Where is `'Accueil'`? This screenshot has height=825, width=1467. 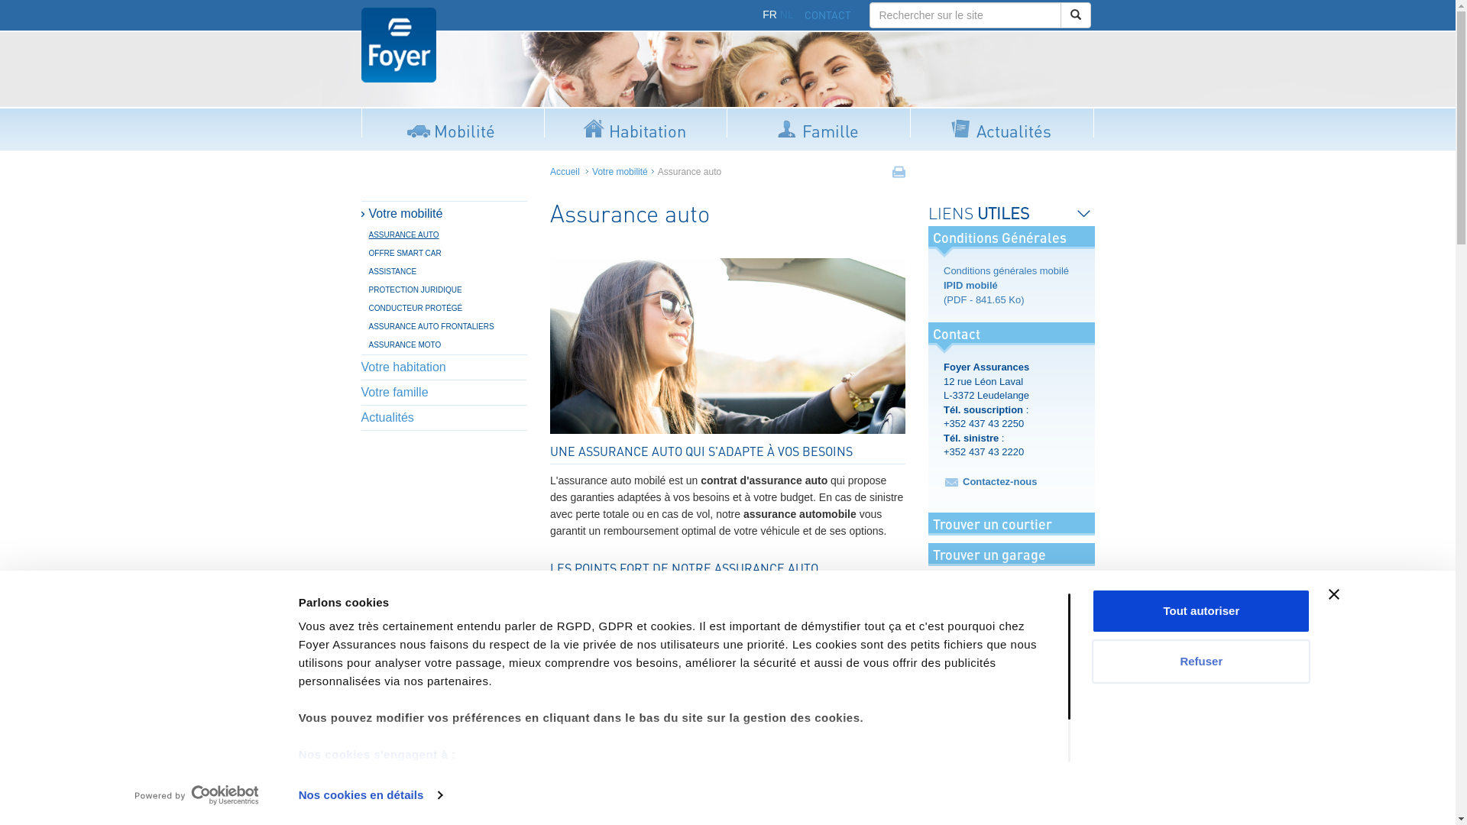 'Accueil' is located at coordinates (564, 171).